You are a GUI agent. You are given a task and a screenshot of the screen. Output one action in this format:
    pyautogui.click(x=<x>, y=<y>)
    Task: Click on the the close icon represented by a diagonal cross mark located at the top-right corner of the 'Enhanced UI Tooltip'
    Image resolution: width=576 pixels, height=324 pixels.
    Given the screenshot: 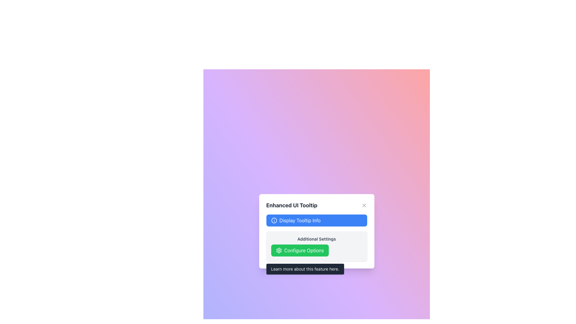 What is the action you would take?
    pyautogui.click(x=364, y=205)
    